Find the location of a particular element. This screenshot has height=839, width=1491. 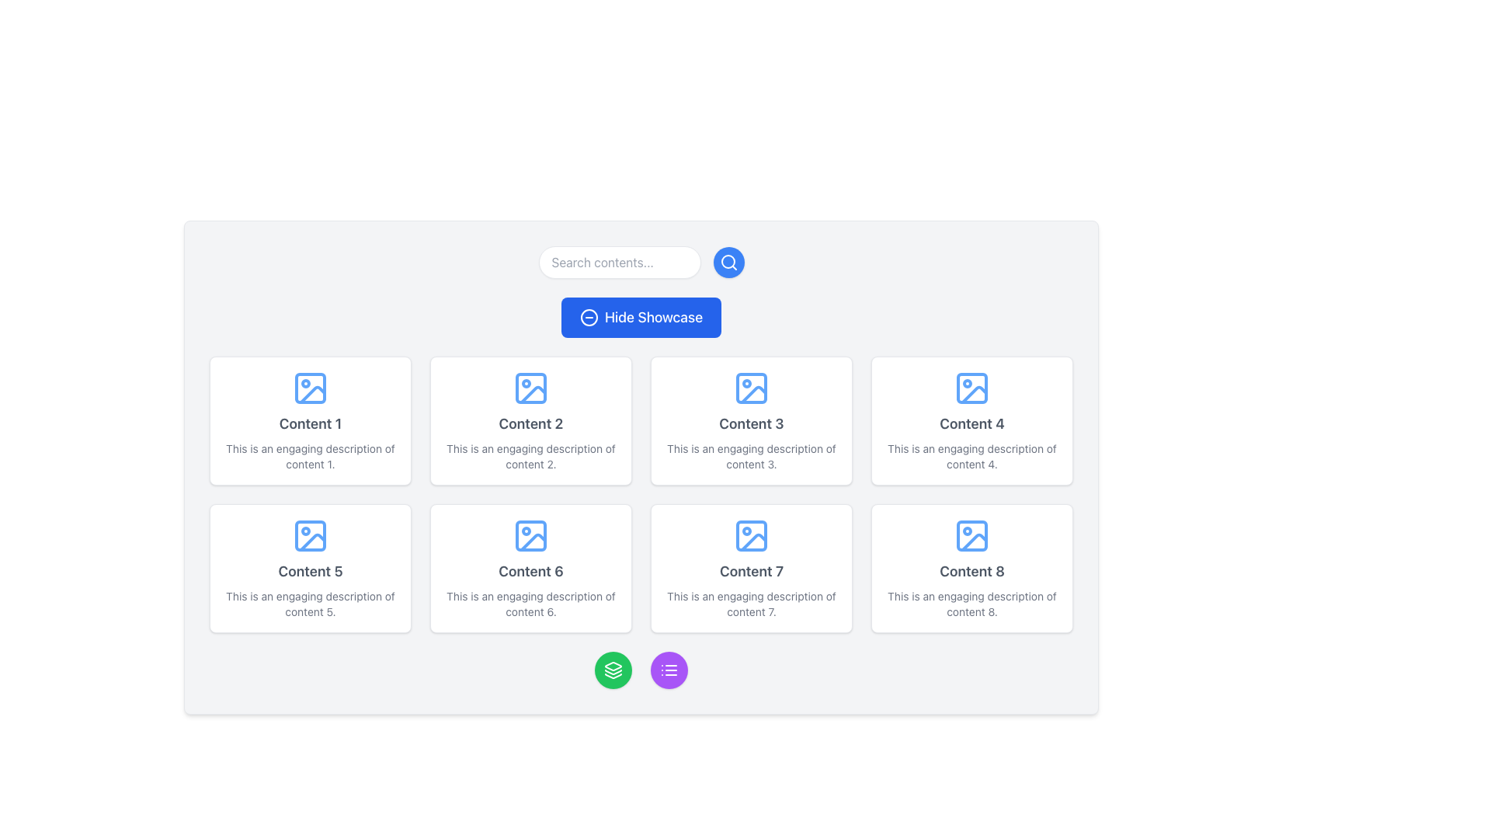

the blue rectangular SVG element with rounded corners located in the 'Content 4' card in the second row of the grid layout is located at coordinates (971, 388).